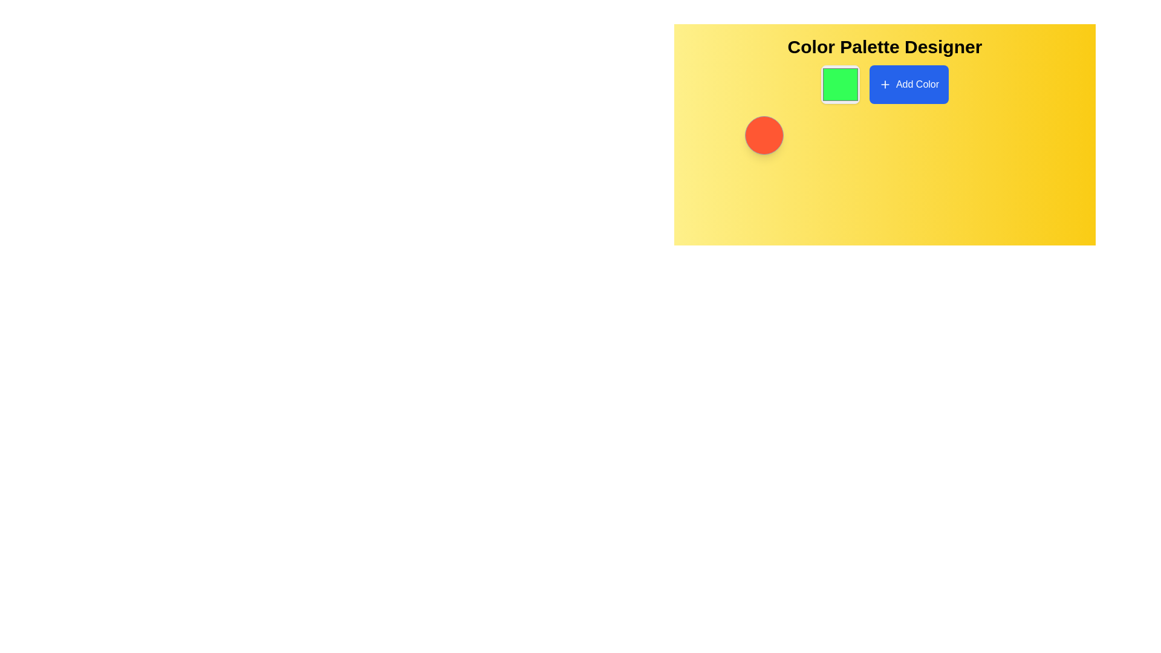 This screenshot has height=653, width=1161. Describe the element at coordinates (839, 83) in the screenshot. I see `the green Color Swatch, which is a square block with a green background and a thin gray border` at that location.